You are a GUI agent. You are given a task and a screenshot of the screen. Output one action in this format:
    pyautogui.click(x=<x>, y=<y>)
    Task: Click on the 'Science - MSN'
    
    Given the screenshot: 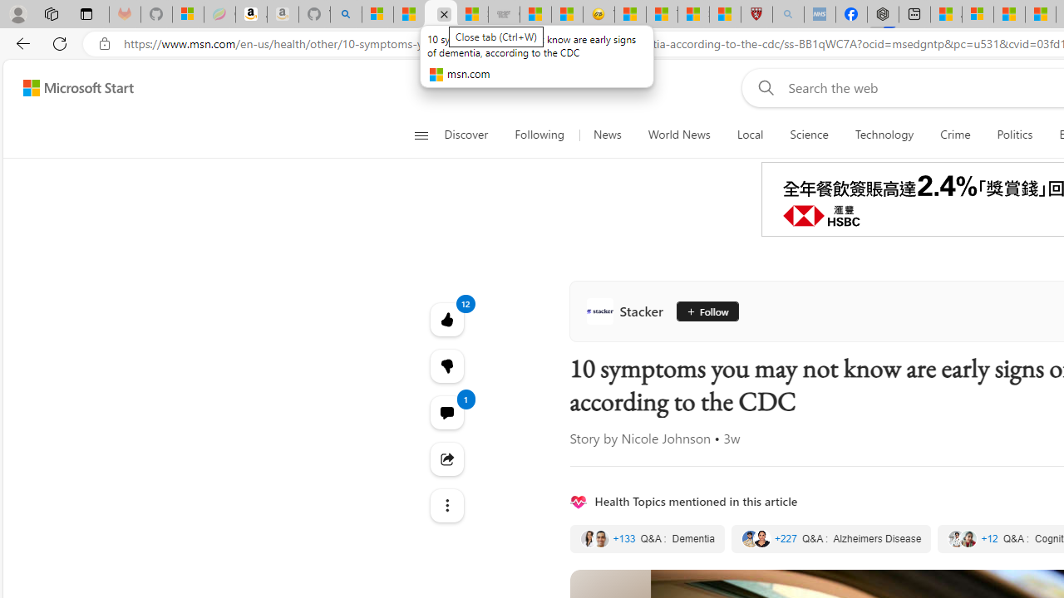 What is the action you would take?
    pyautogui.click(x=692, y=14)
    